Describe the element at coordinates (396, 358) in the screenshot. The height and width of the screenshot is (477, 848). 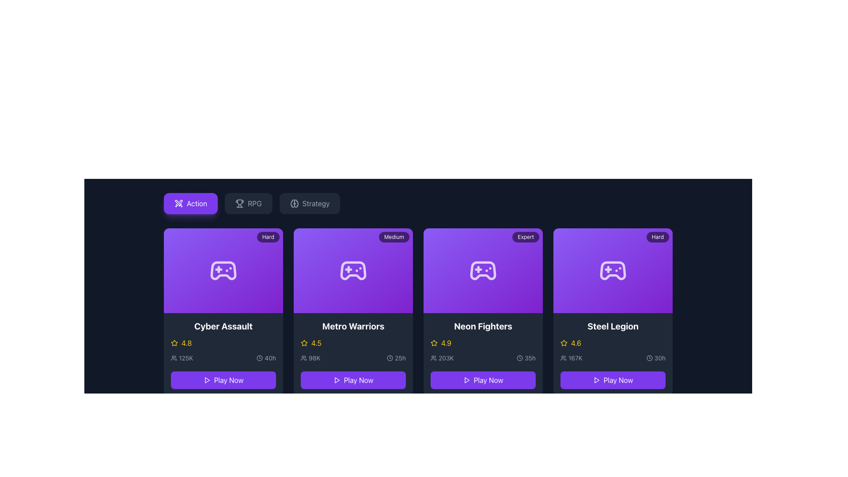
I see `the text '25h' with the clock icon in the lower section of the 'Metro Warriors' card` at that location.